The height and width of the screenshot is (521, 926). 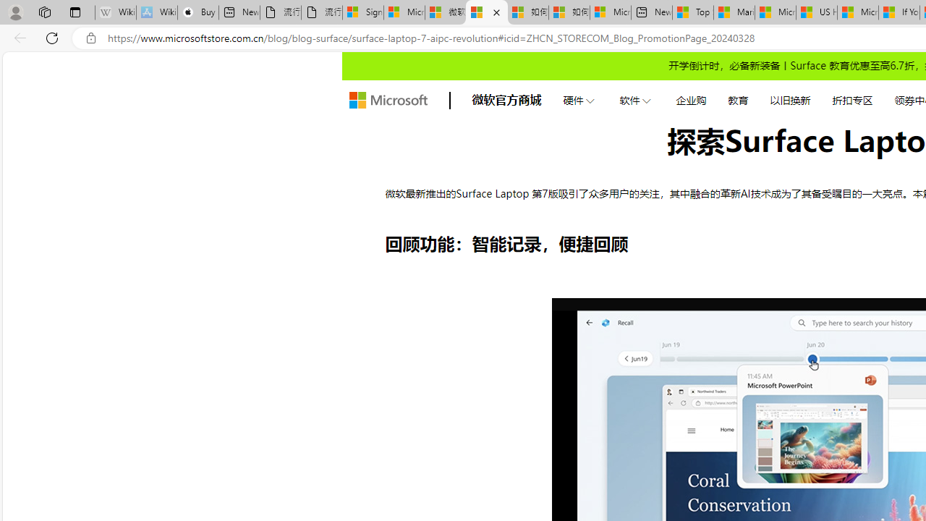 What do you see at coordinates (692, 12) in the screenshot?
I see `'Top Stories - MSN'` at bounding box center [692, 12].